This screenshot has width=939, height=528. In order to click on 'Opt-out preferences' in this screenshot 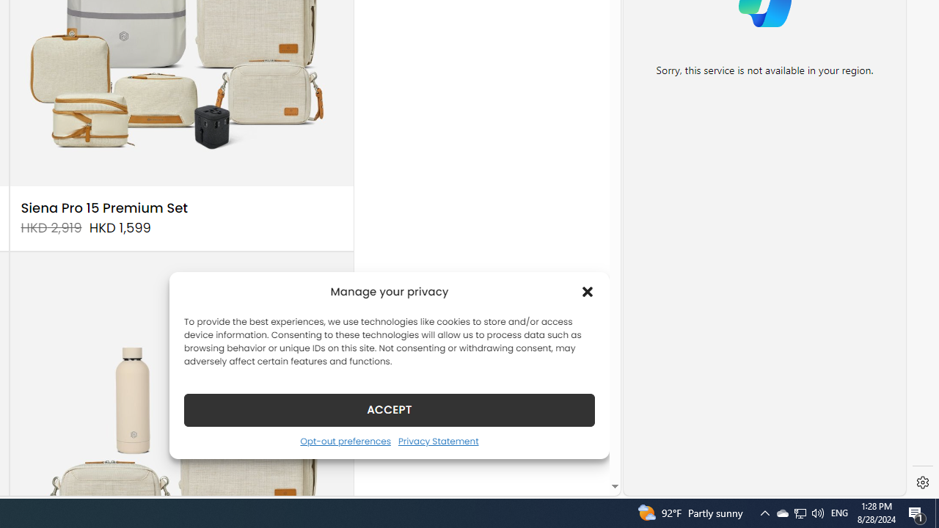, I will do `click(345, 440)`.